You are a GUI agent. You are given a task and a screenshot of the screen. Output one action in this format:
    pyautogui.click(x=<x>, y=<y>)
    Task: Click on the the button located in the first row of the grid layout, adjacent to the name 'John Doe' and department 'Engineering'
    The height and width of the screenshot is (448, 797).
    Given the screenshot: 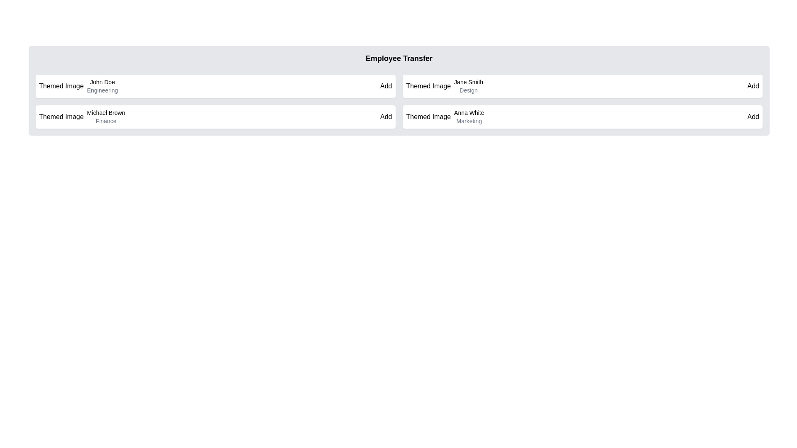 What is the action you would take?
    pyautogui.click(x=386, y=86)
    